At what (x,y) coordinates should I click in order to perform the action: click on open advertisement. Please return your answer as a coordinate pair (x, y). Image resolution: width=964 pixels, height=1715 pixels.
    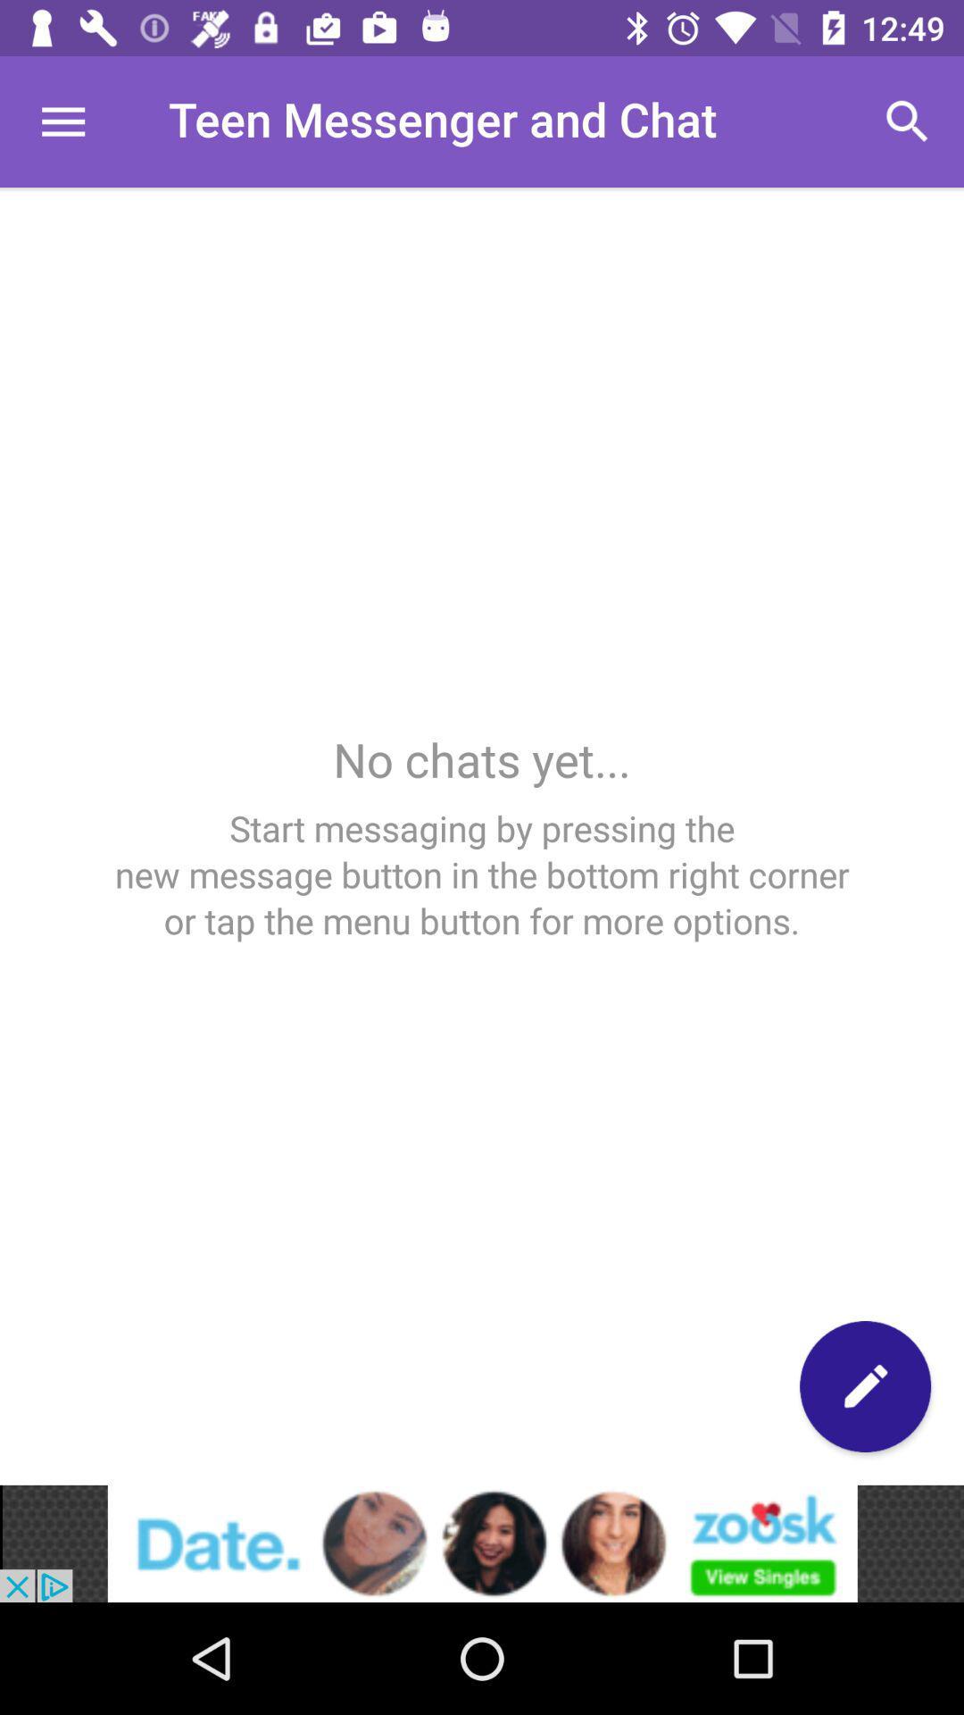
    Looking at the image, I should click on (482, 1543).